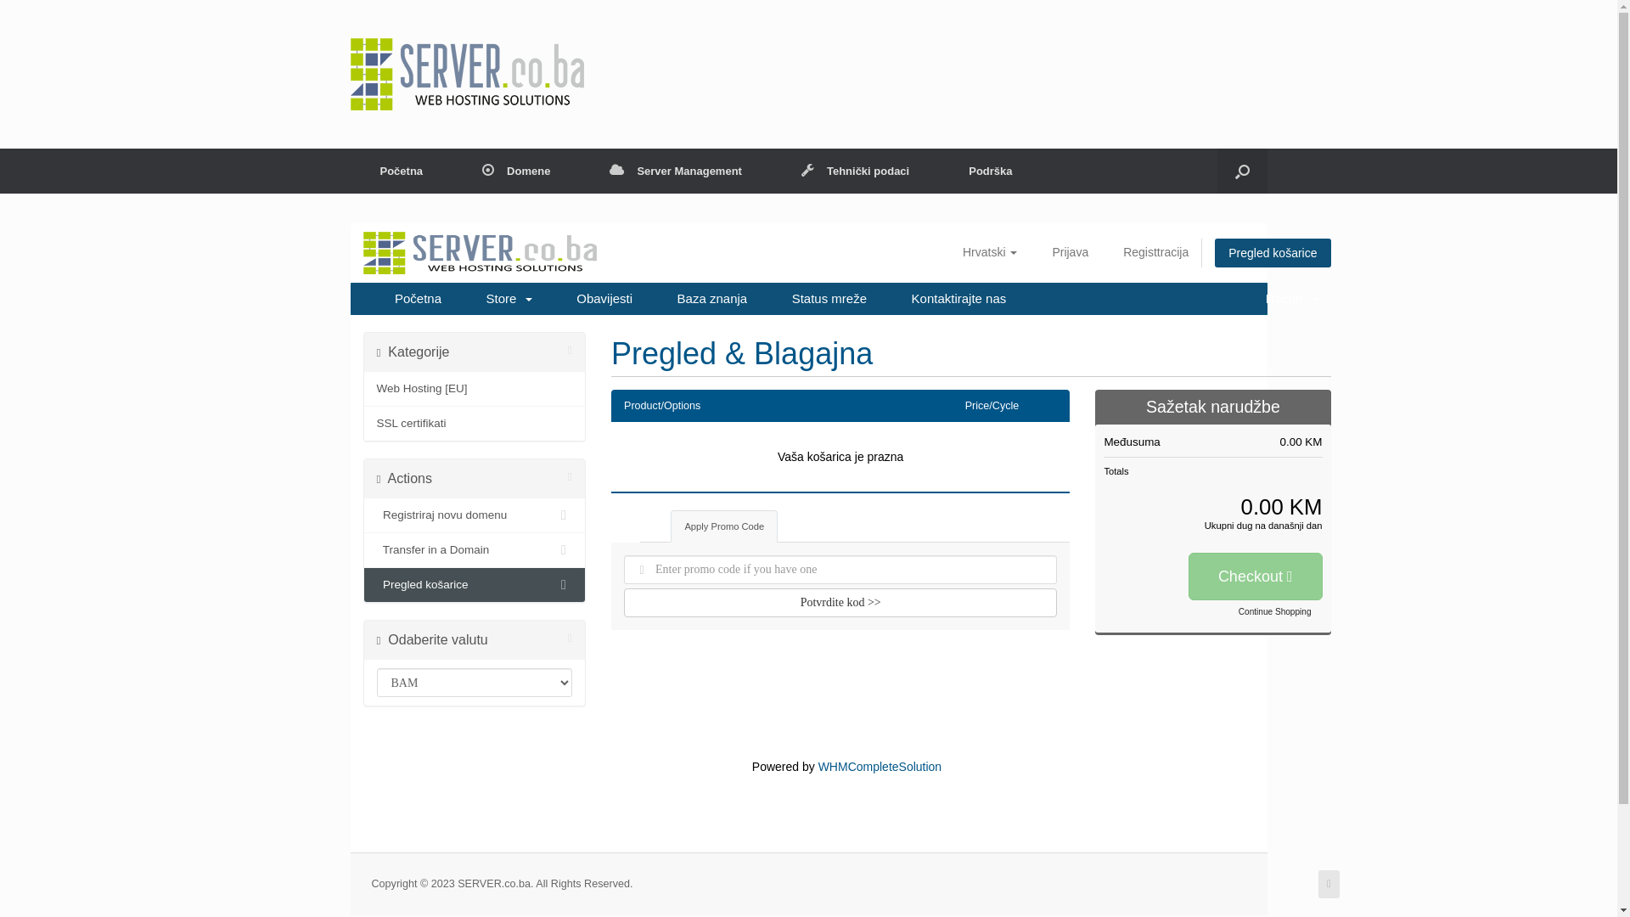 This screenshot has width=1630, height=917. What do you see at coordinates (1155, 252) in the screenshot?
I see `'Registtracija'` at bounding box center [1155, 252].